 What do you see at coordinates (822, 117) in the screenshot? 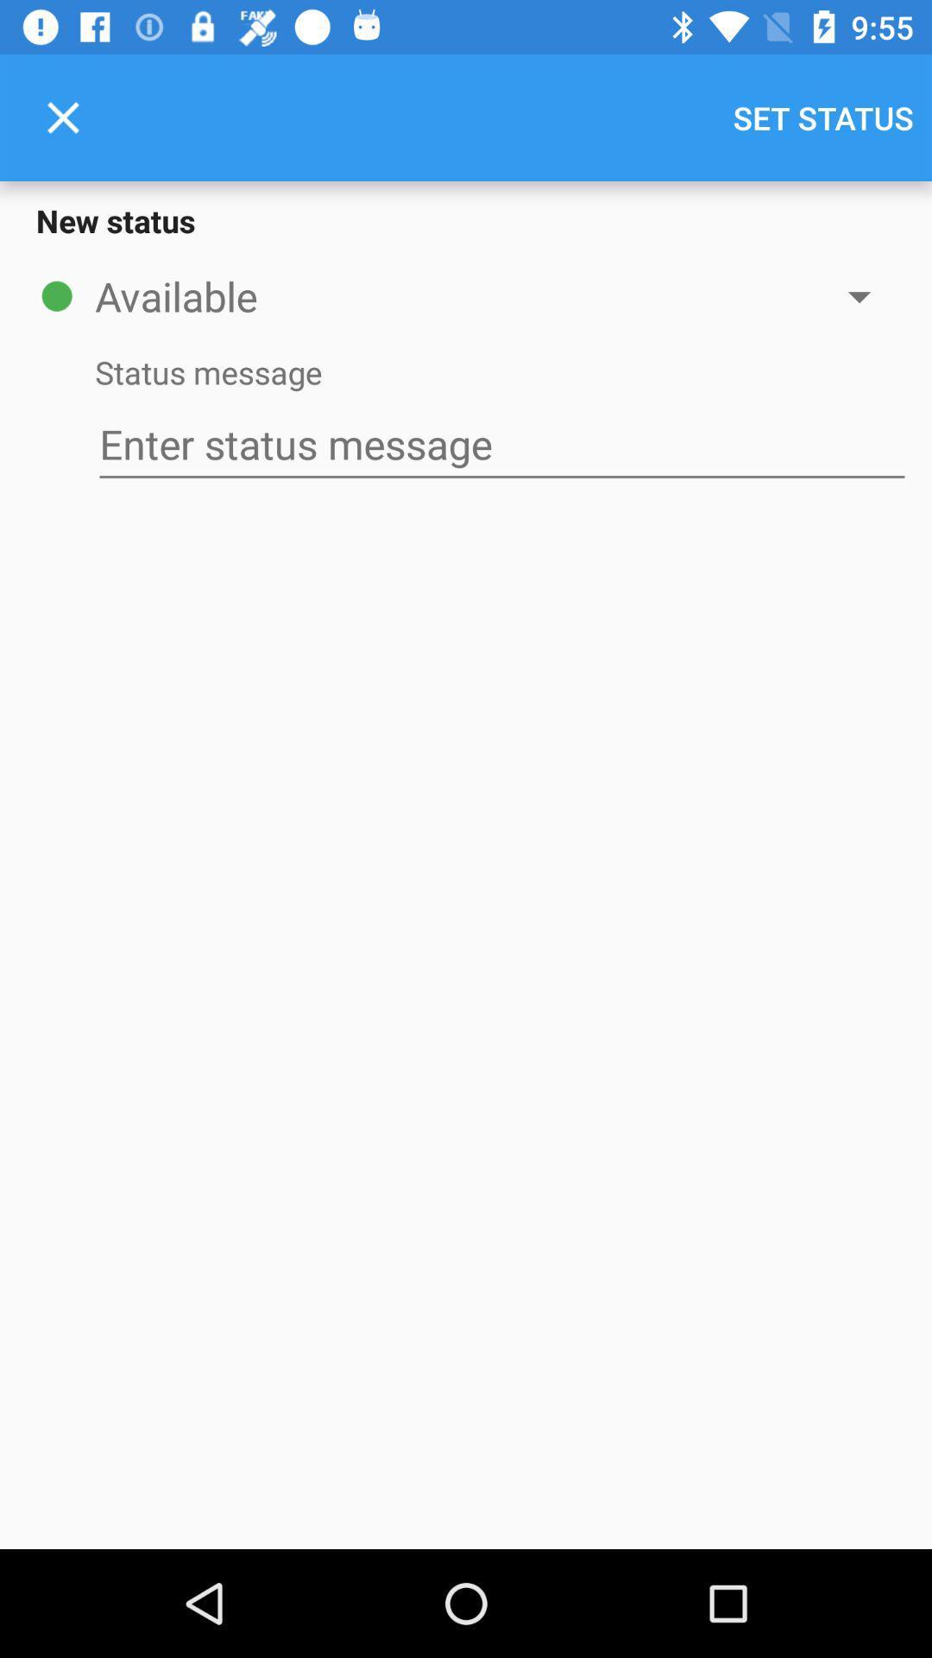
I see `set status icon` at bounding box center [822, 117].